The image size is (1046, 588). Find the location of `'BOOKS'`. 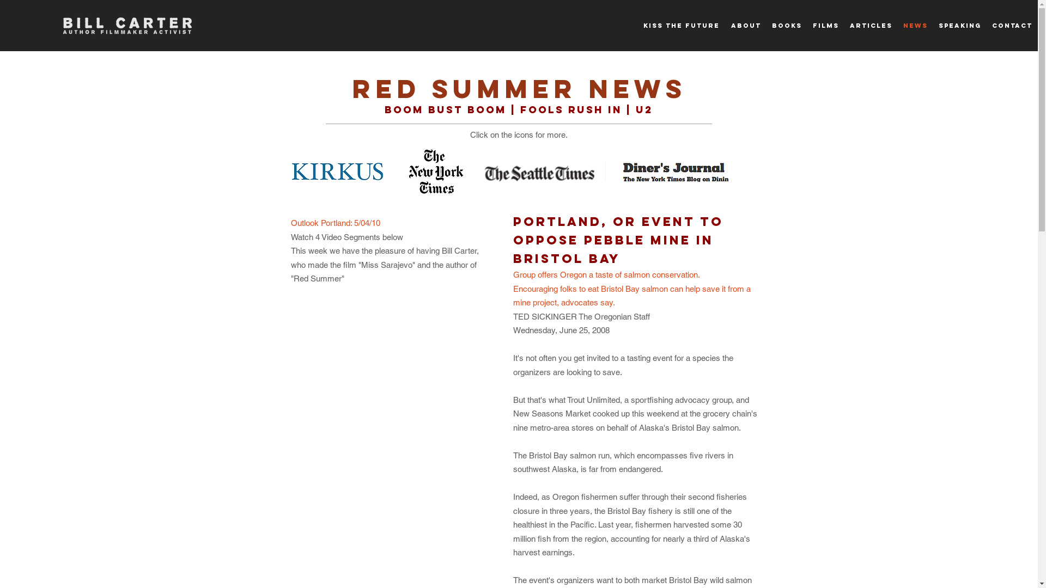

'BOOKS' is located at coordinates (765, 24).